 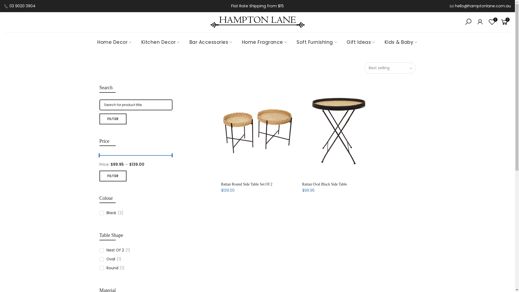 What do you see at coordinates (264, 42) in the screenshot?
I see `'Home Fragrance'` at bounding box center [264, 42].